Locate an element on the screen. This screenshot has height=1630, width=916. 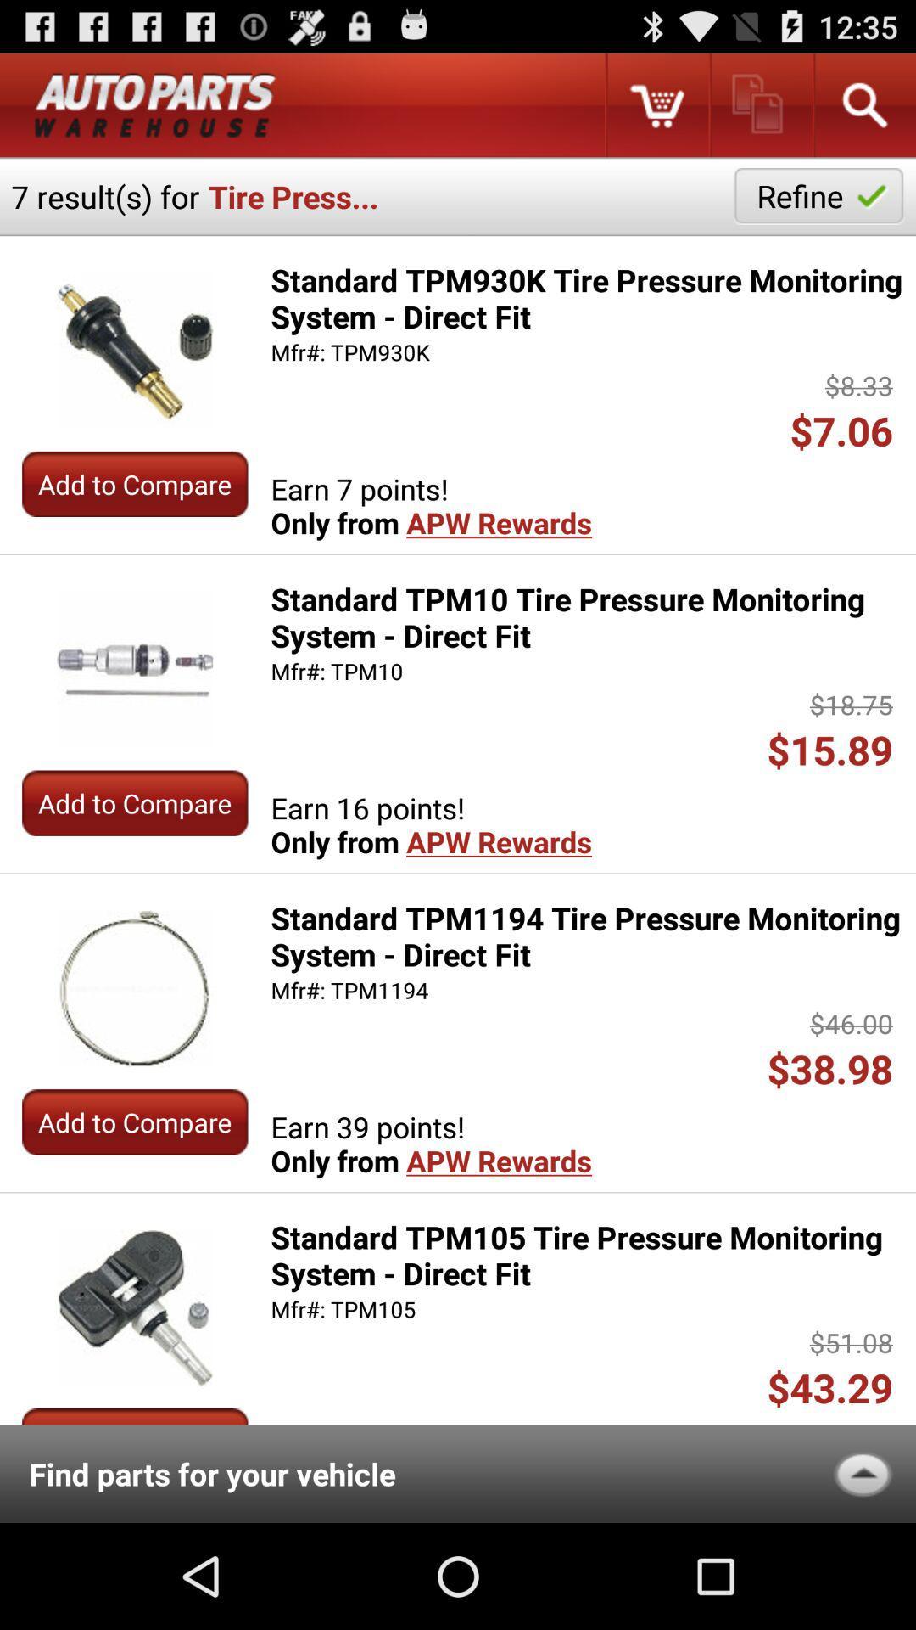
the red colored text mentioned as 706 is located at coordinates (847, 430).